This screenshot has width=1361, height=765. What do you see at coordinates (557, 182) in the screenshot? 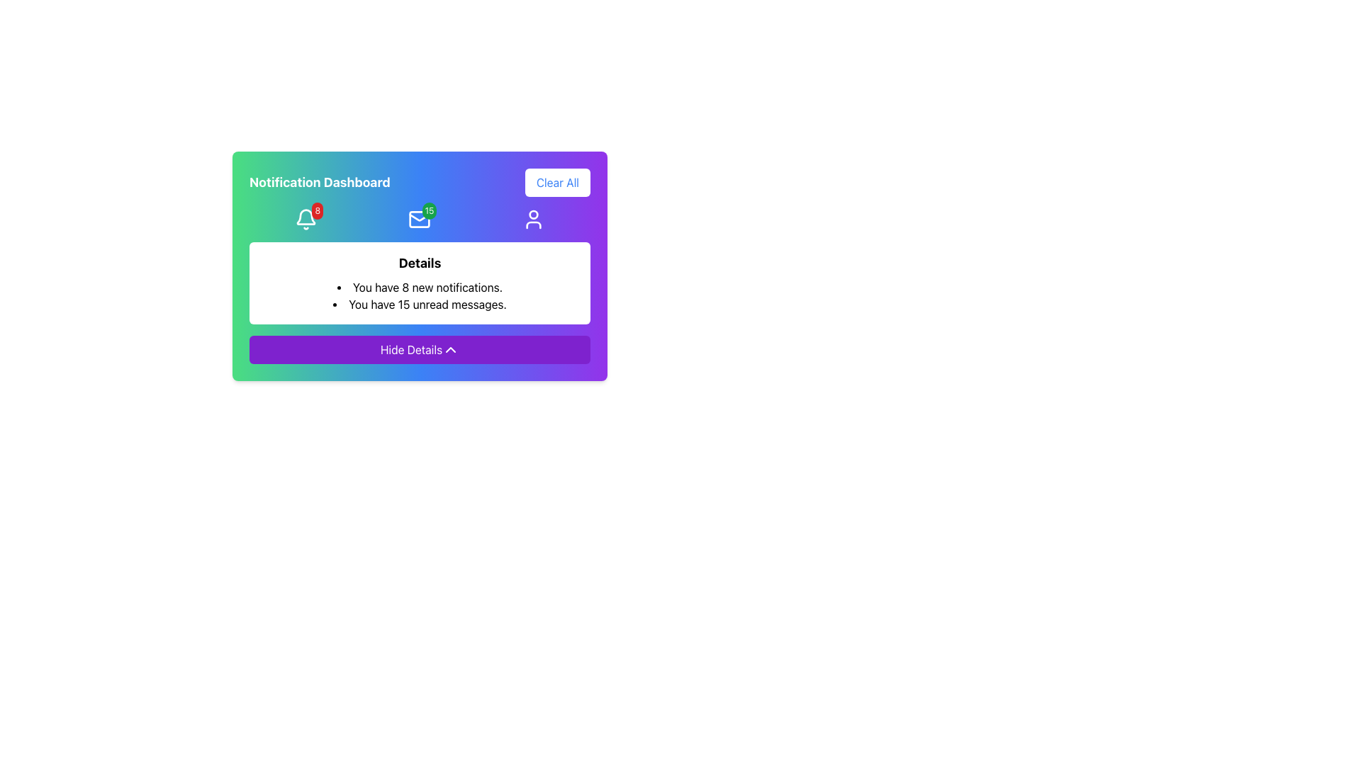
I see `the button on the right side of the 'Notification Dashboard' to clear all notifications` at bounding box center [557, 182].